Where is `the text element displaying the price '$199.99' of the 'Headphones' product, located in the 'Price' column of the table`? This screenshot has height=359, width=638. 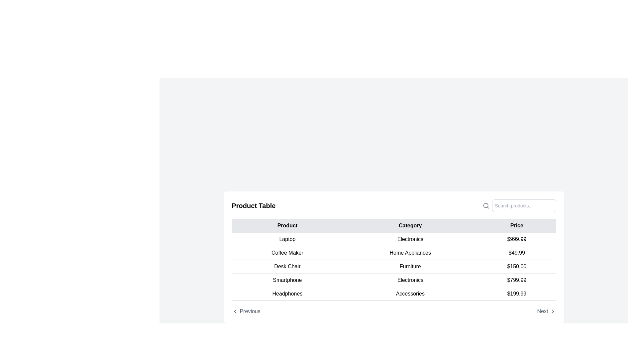
the text element displaying the price '$199.99' of the 'Headphones' product, located in the 'Price' column of the table is located at coordinates (516, 293).